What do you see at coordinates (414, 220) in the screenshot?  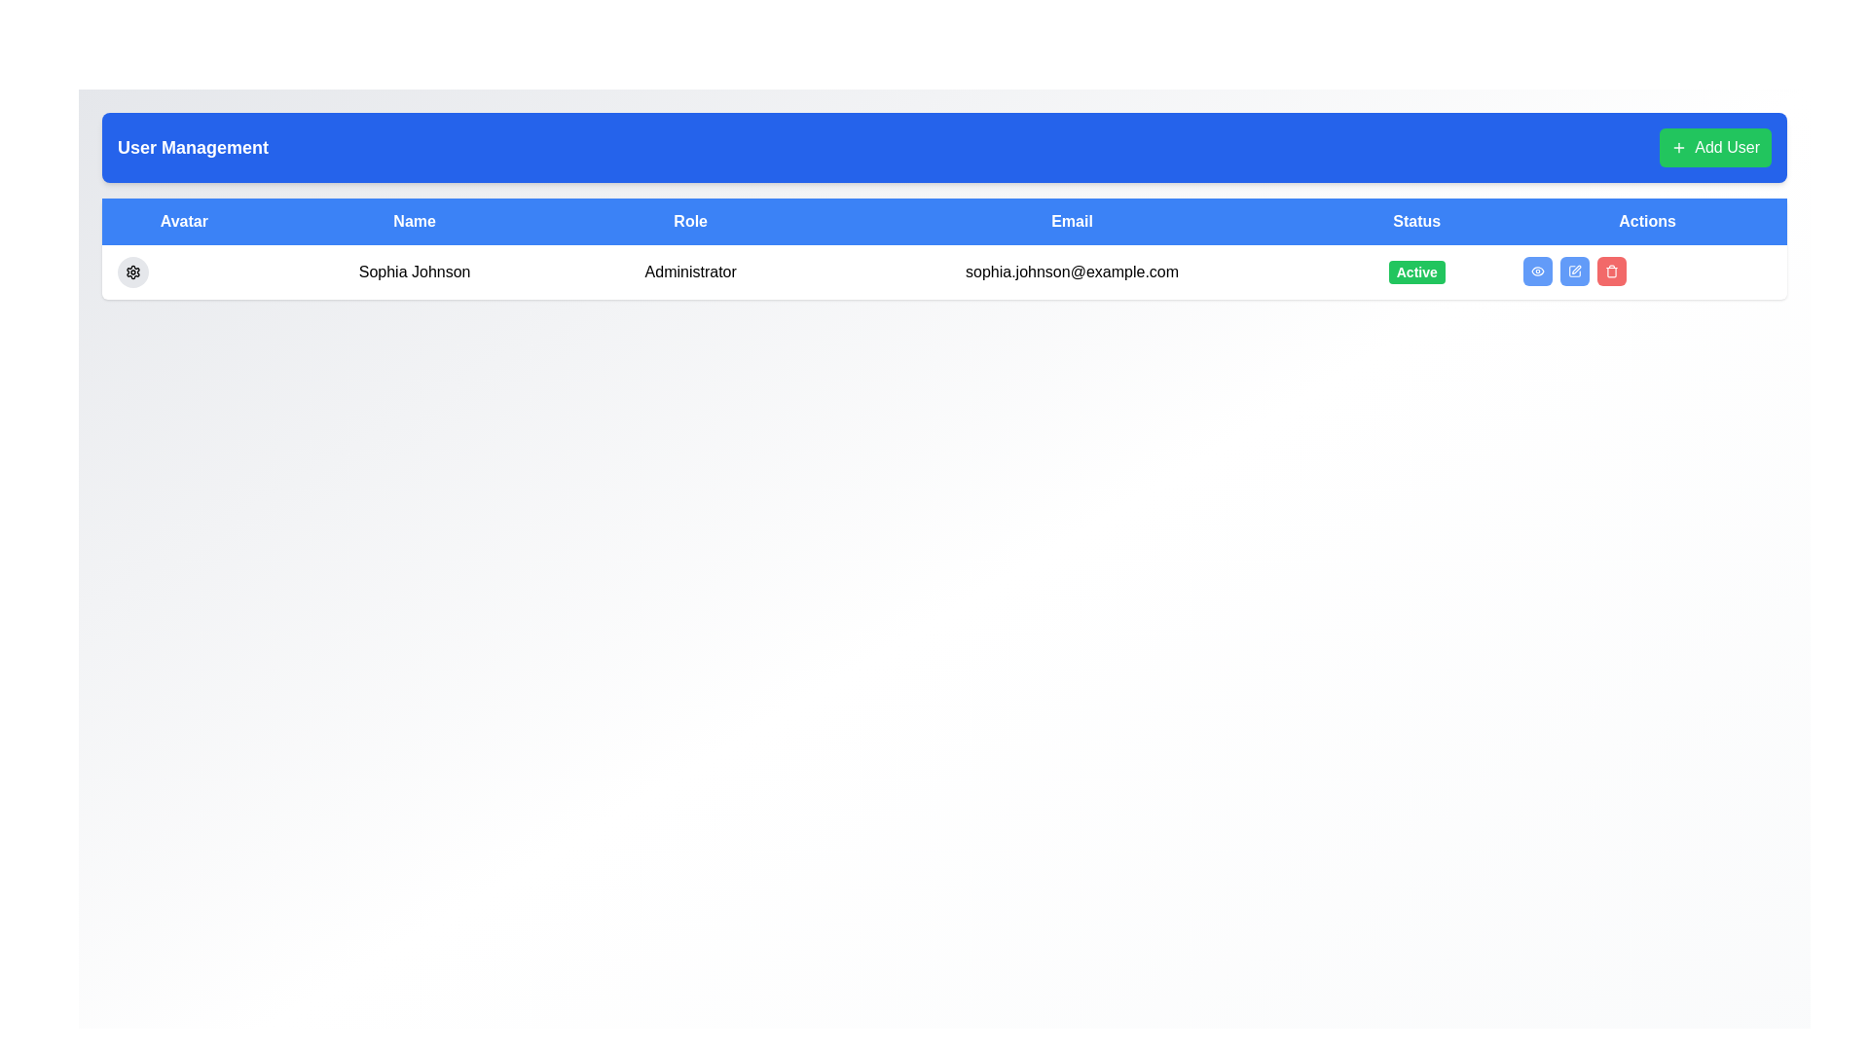 I see `the bold white text label reading 'Name' on a blue background, which is the second column header in a row of headers, positioned between 'Avatar' and 'Role'` at bounding box center [414, 220].